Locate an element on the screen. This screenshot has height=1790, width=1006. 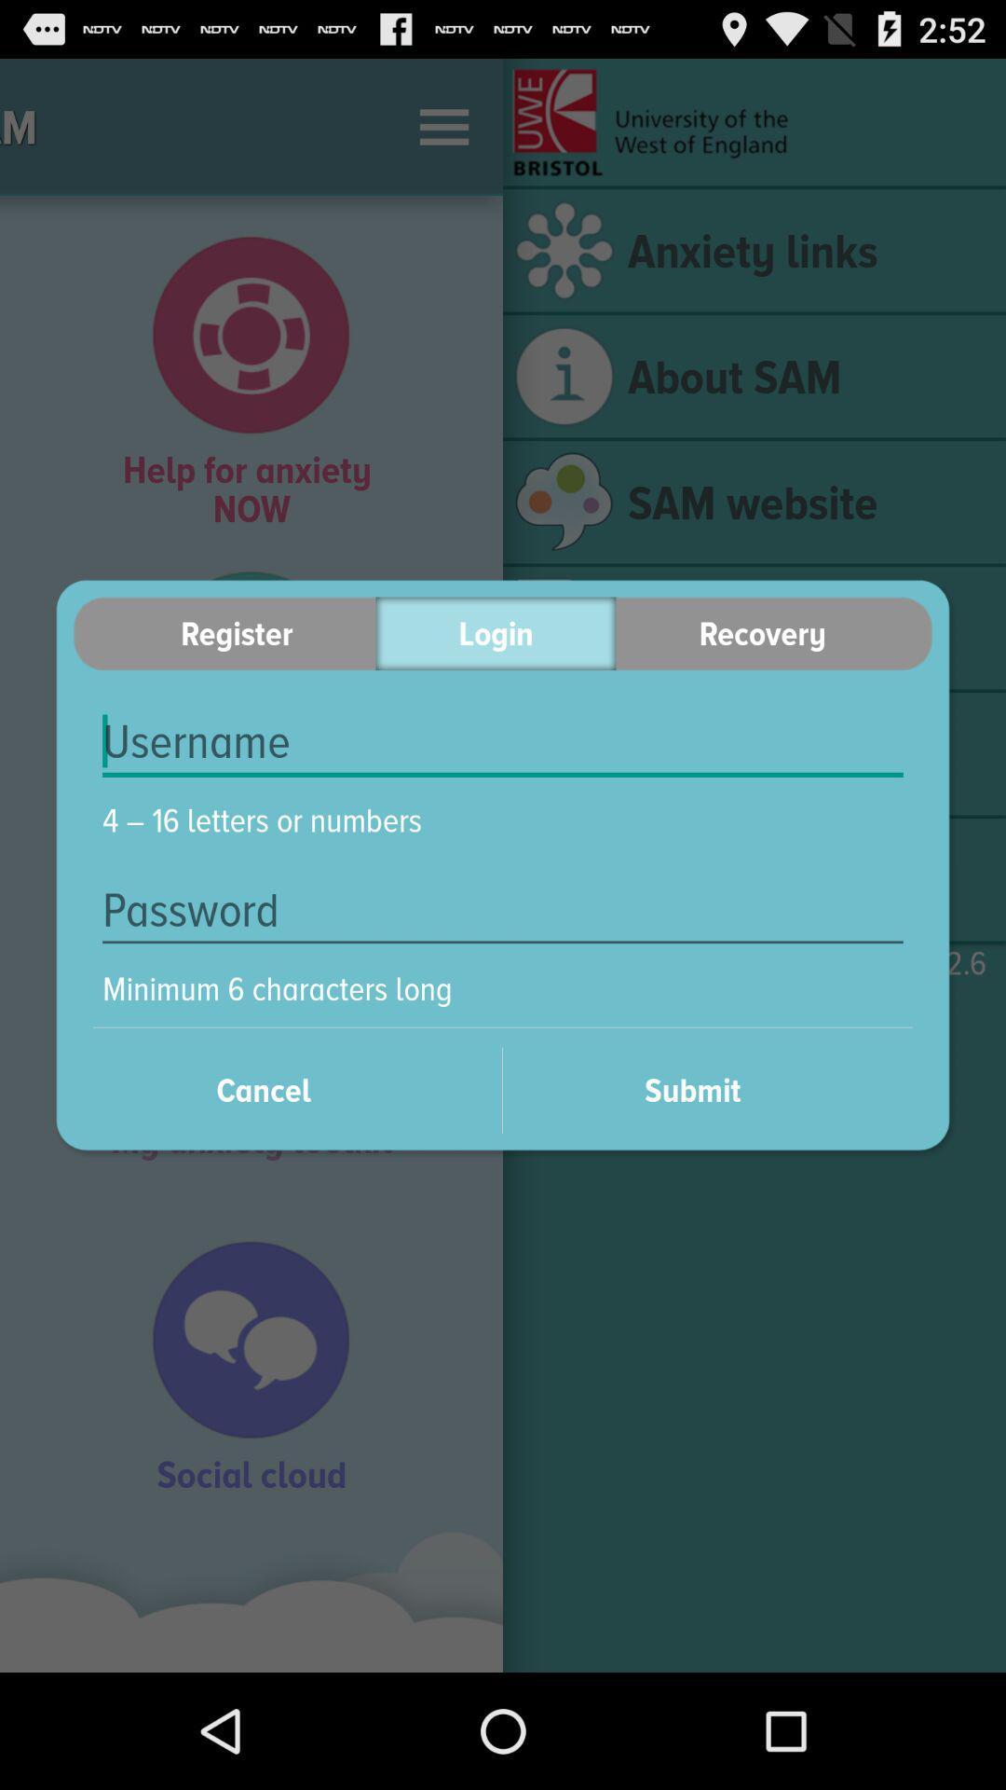
cancel item is located at coordinates (287, 1090).